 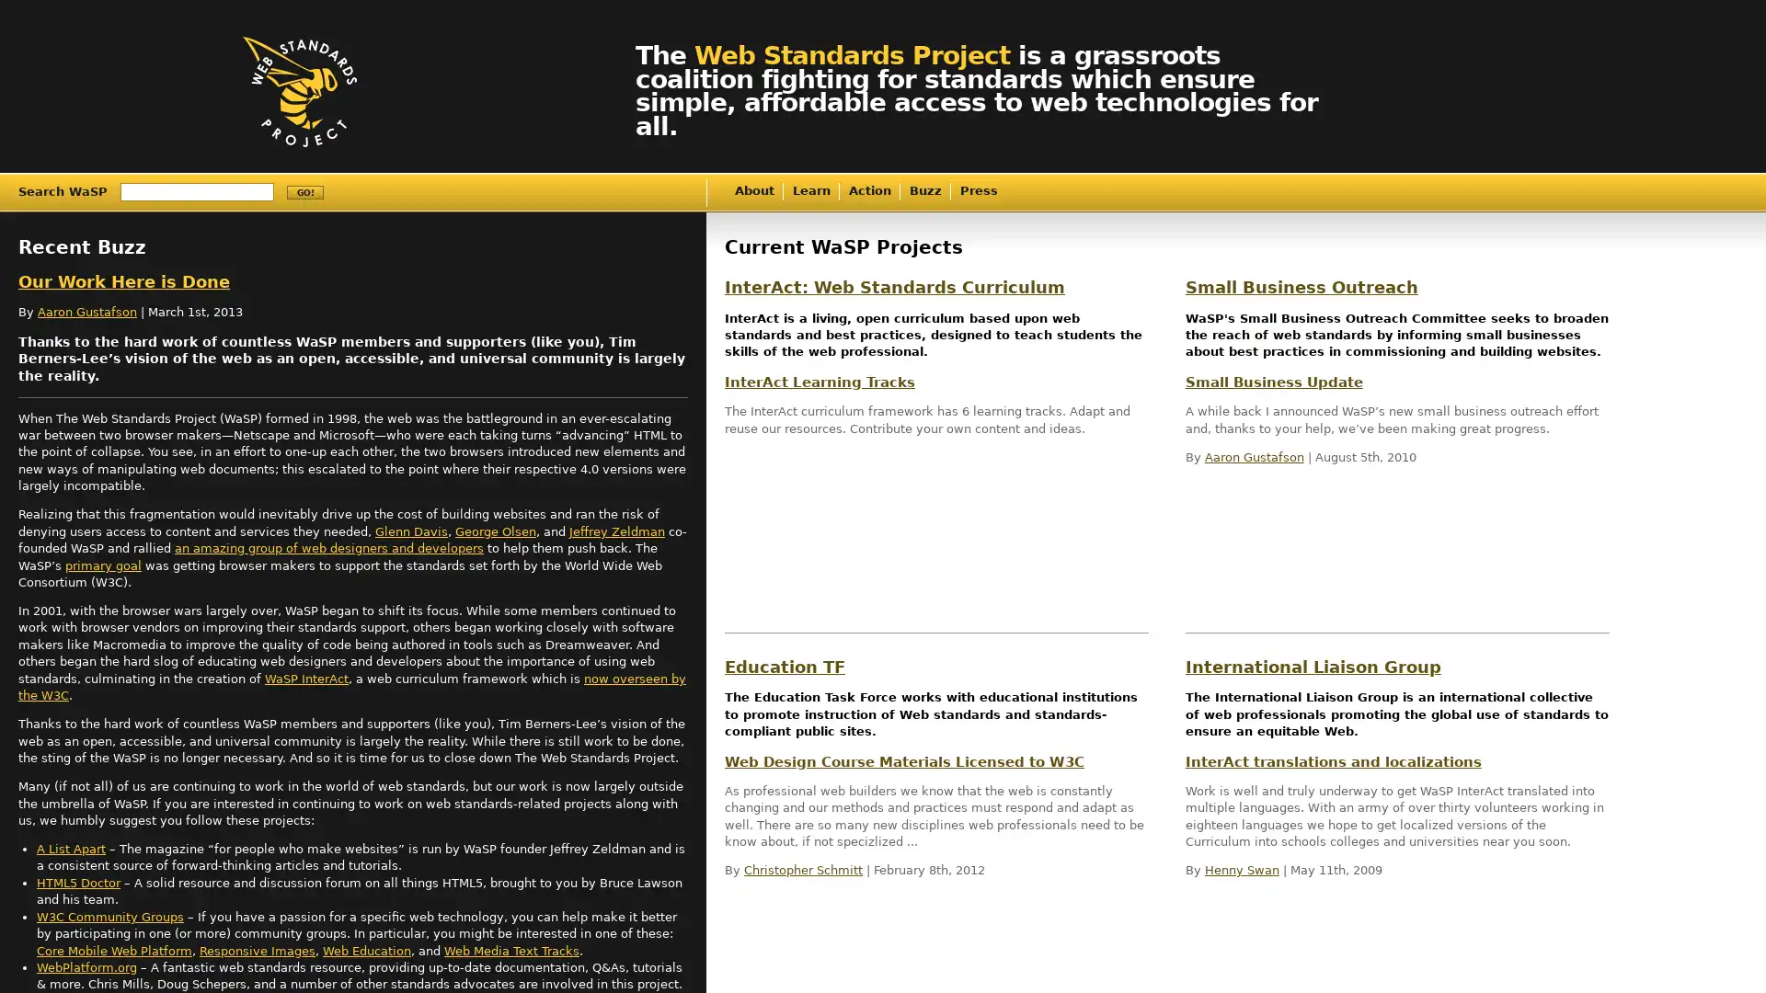 I want to click on Go!, so click(x=304, y=192).